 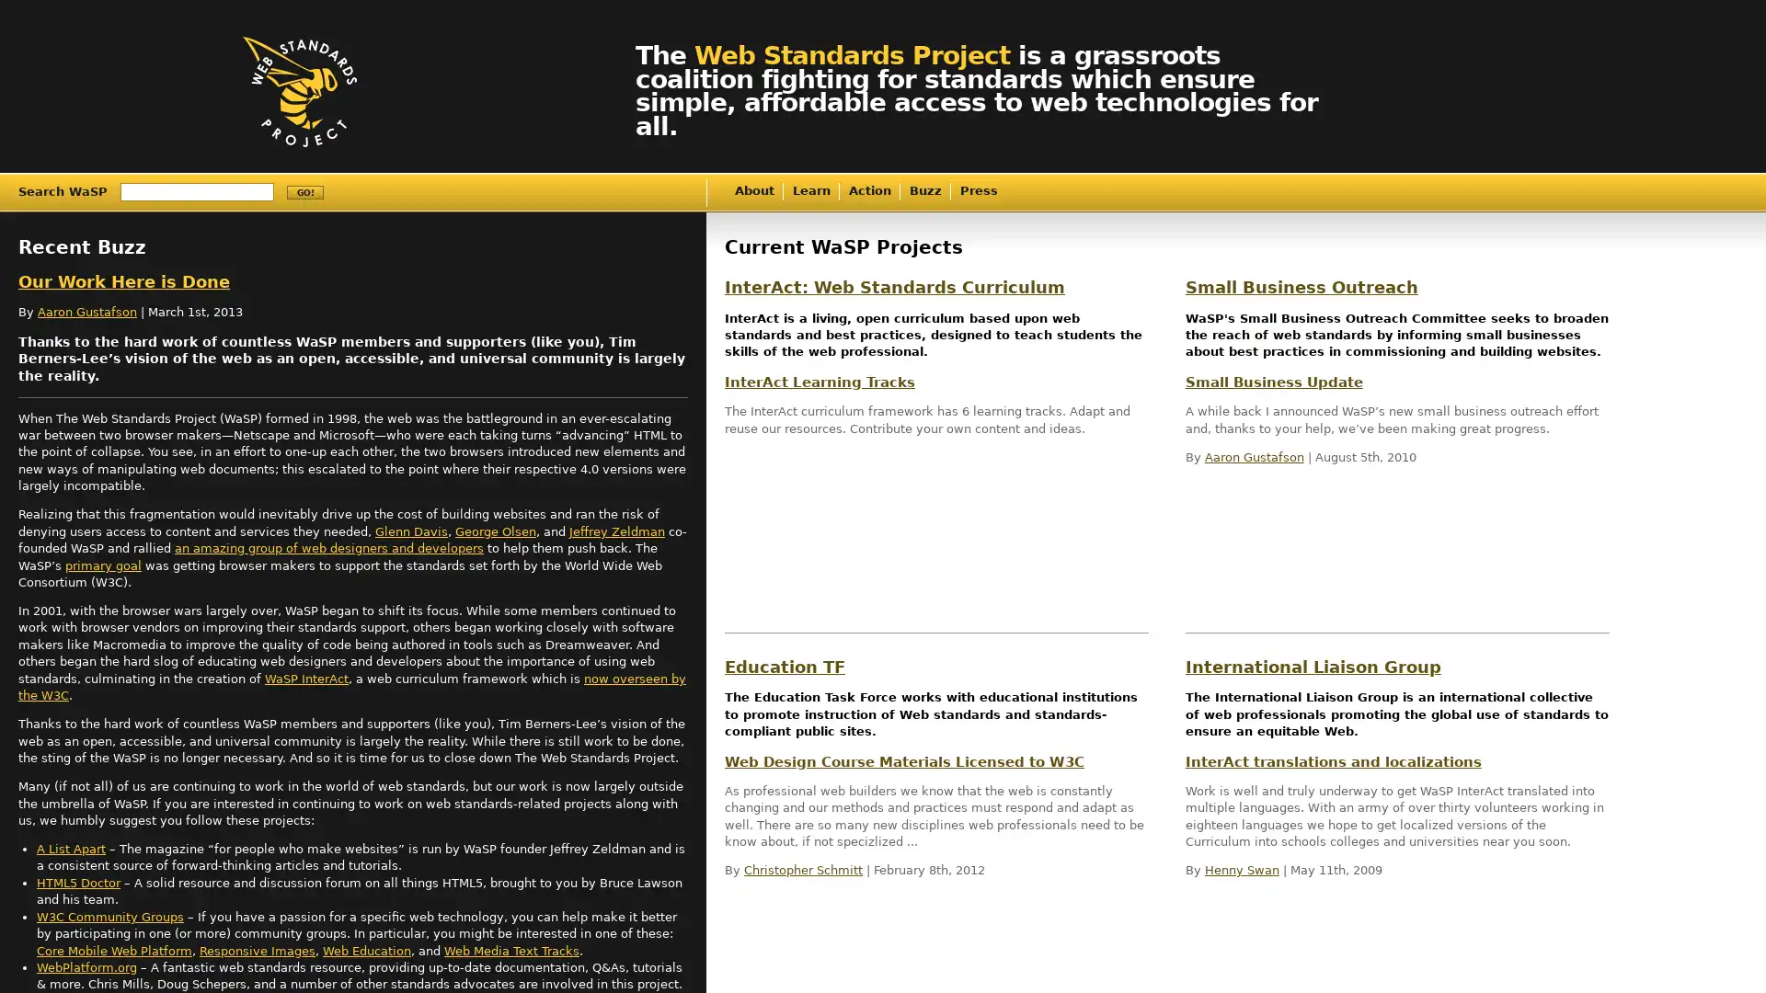 I want to click on Go!, so click(x=304, y=192).